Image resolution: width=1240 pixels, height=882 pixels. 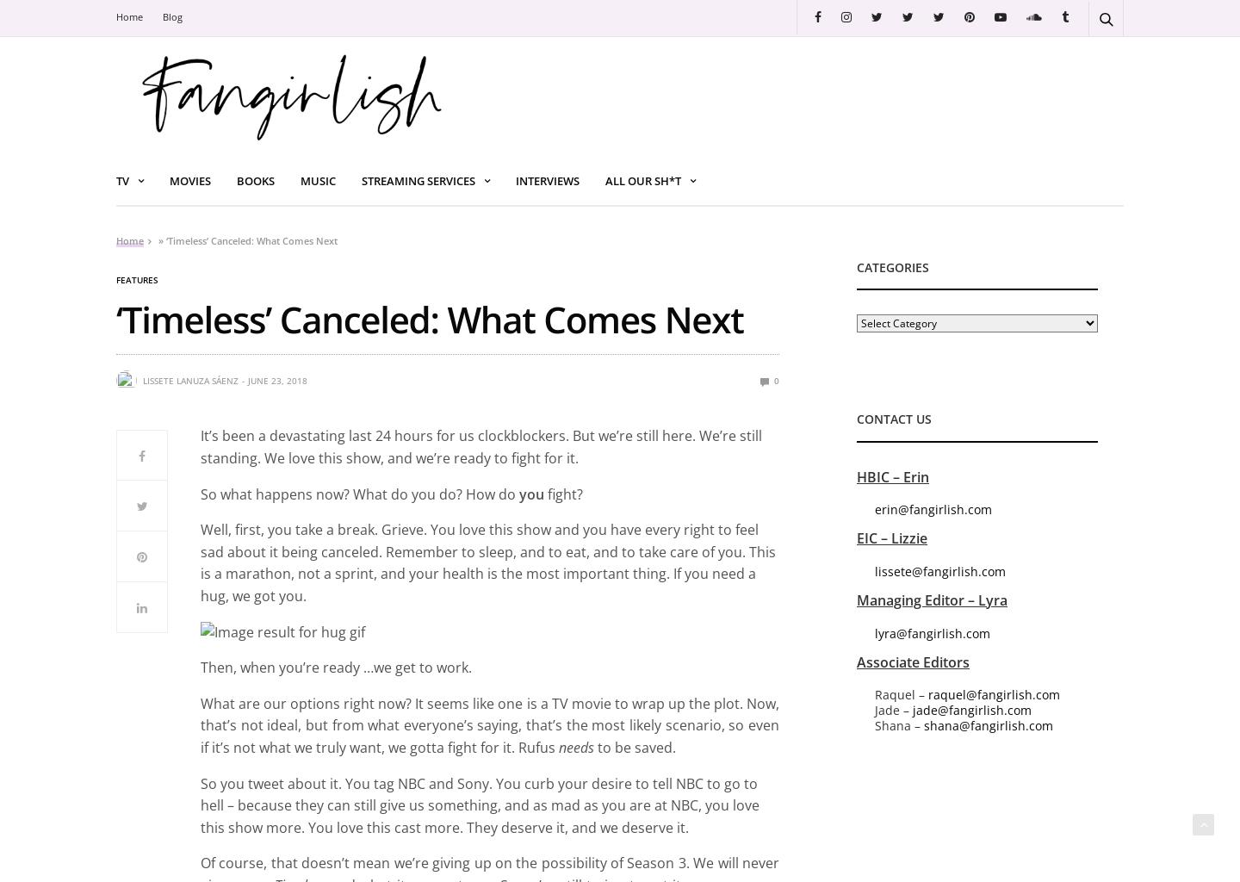 What do you see at coordinates (932, 631) in the screenshot?
I see `'lyra@fangirlish.com'` at bounding box center [932, 631].